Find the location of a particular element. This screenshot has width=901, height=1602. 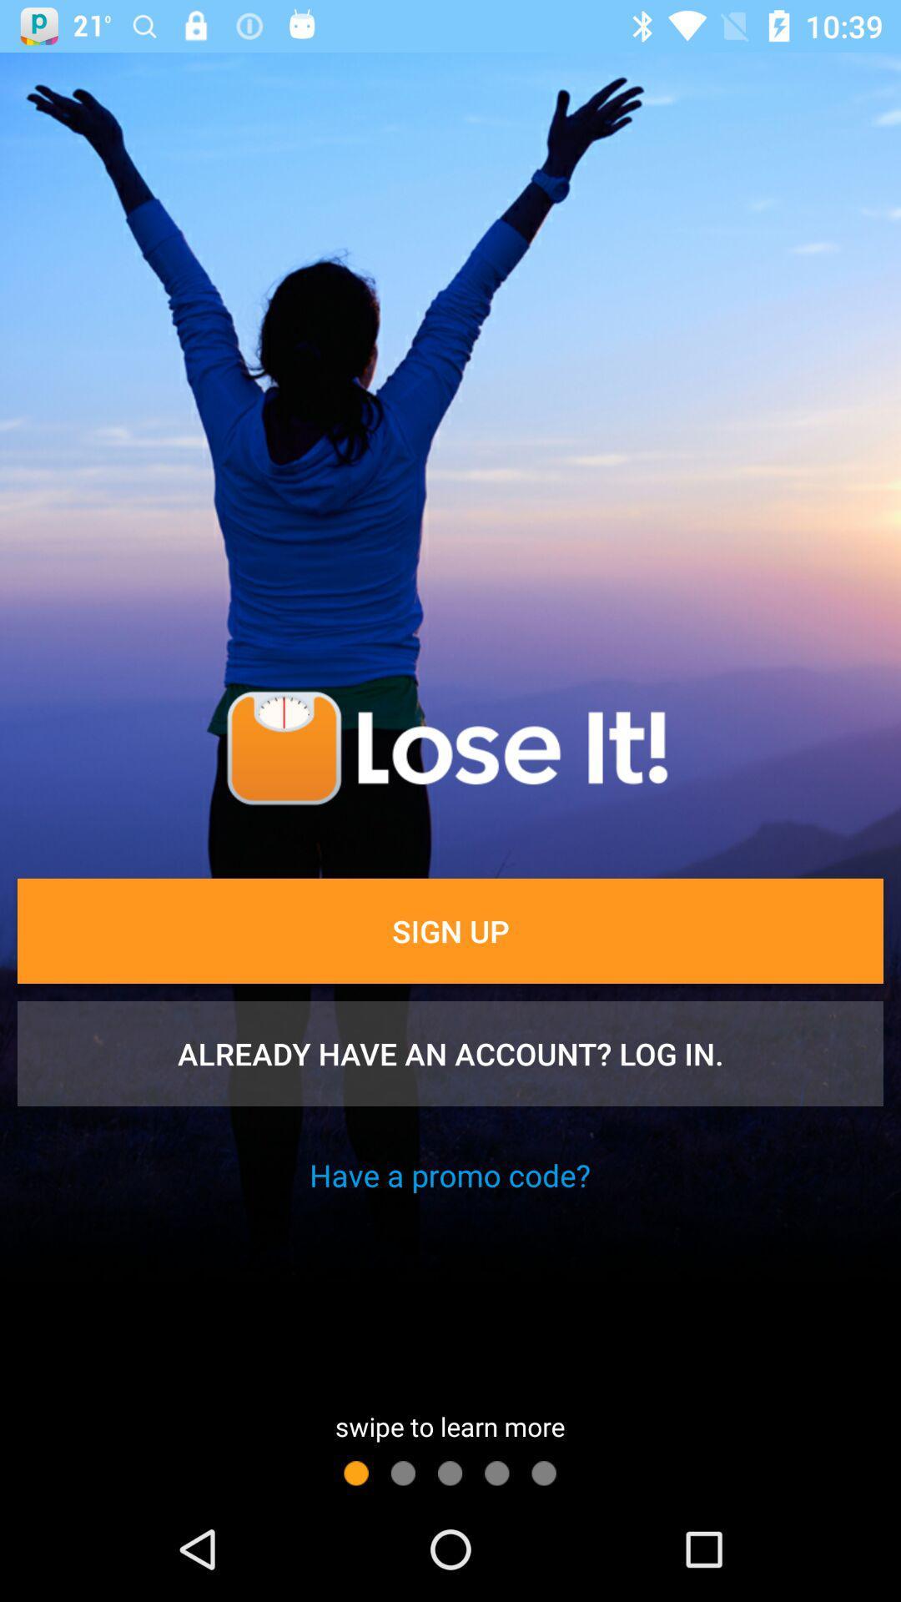

the already have an is located at coordinates (450, 1052).